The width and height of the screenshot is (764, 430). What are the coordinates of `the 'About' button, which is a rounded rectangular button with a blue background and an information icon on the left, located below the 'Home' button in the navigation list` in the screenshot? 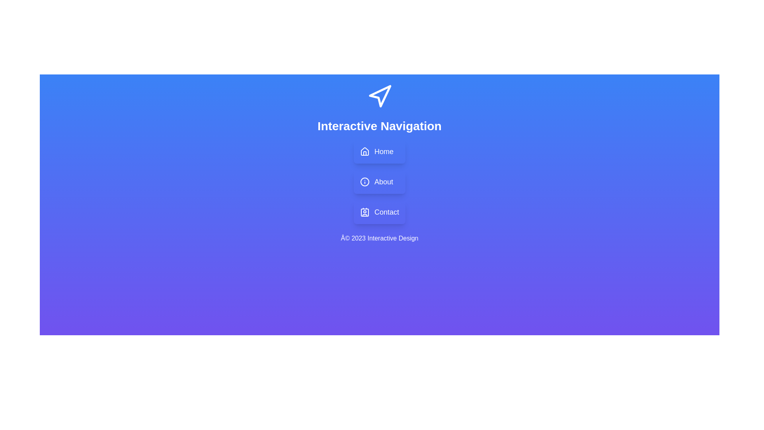 It's located at (379, 182).